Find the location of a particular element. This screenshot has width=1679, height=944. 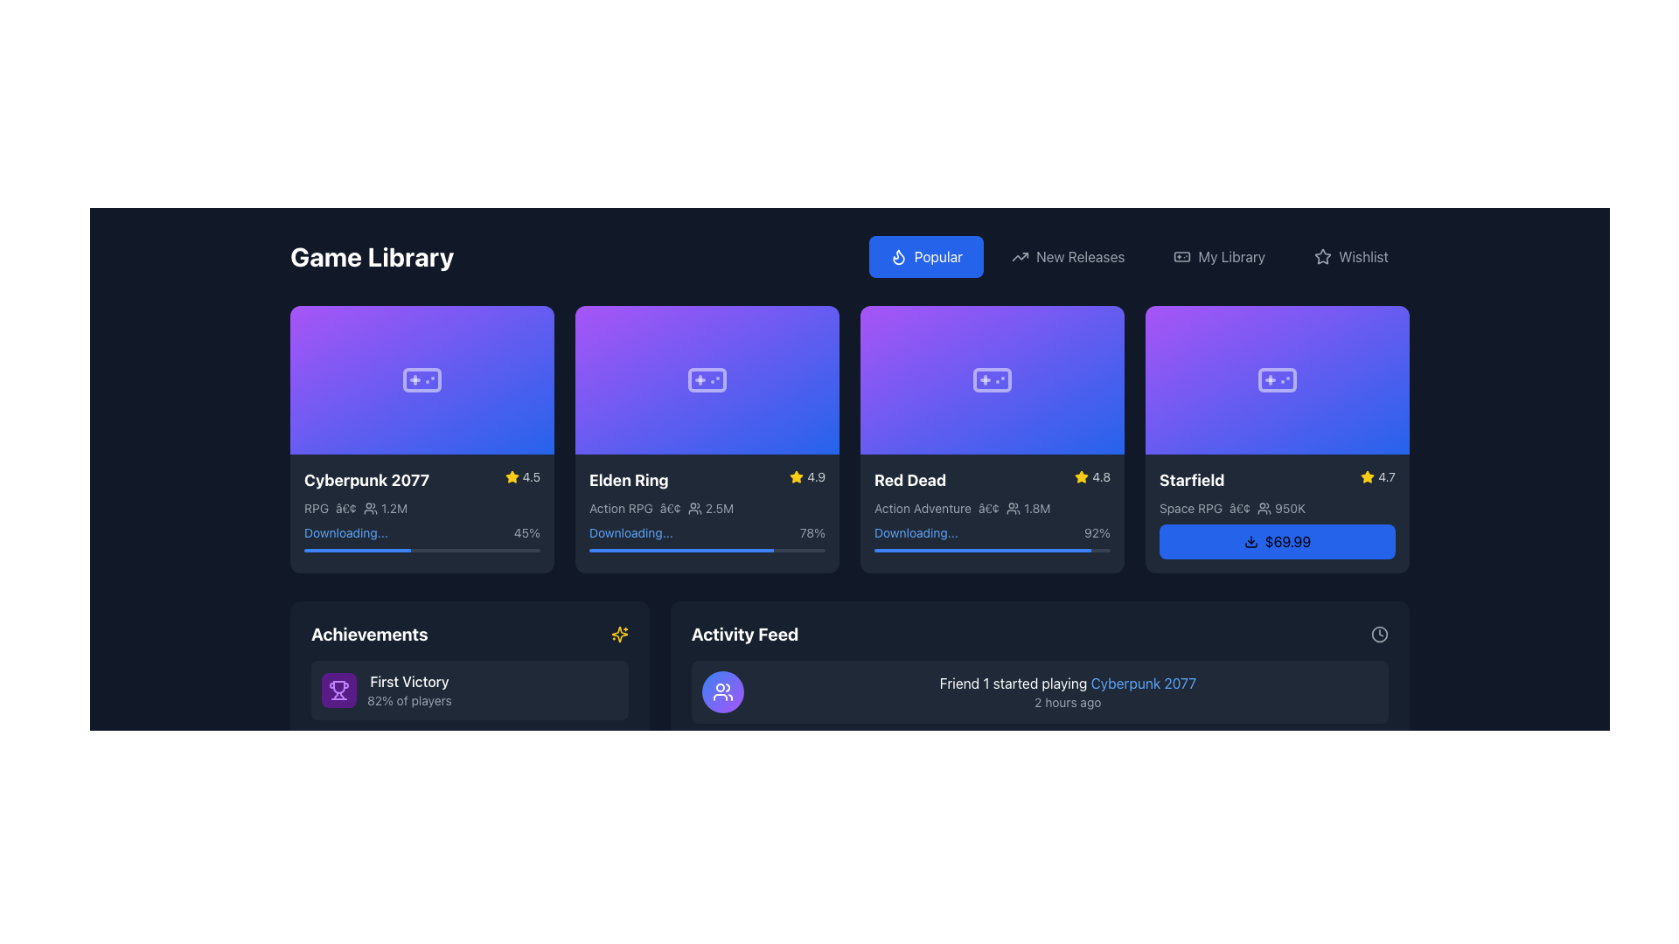

the text notification that reads 'Friend 1 started playing Cyberpunk 2077' with blue highlighted text, located in the 'Activity Feed' section above the timestamp is located at coordinates (1067, 682).